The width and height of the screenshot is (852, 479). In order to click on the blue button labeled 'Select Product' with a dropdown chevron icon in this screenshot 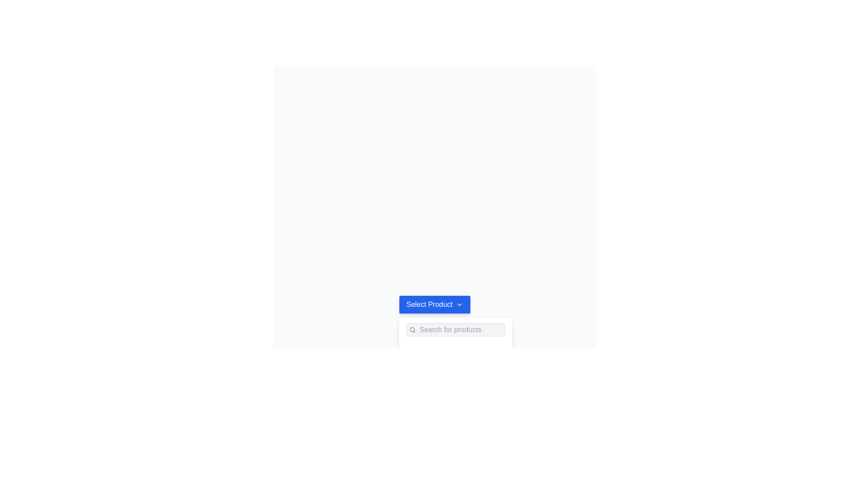, I will do `click(434, 304)`.